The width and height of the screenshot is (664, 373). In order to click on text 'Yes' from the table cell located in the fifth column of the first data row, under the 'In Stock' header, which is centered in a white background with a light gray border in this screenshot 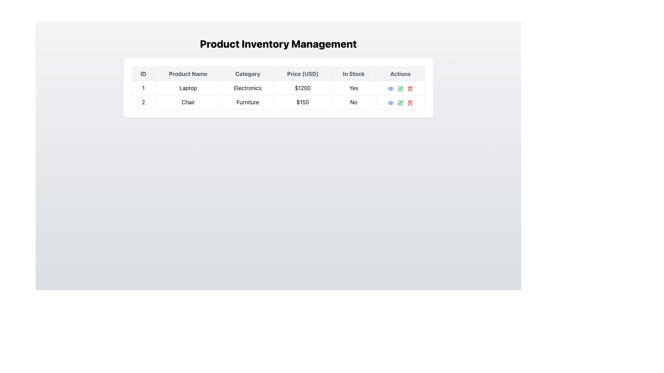, I will do `click(353, 87)`.